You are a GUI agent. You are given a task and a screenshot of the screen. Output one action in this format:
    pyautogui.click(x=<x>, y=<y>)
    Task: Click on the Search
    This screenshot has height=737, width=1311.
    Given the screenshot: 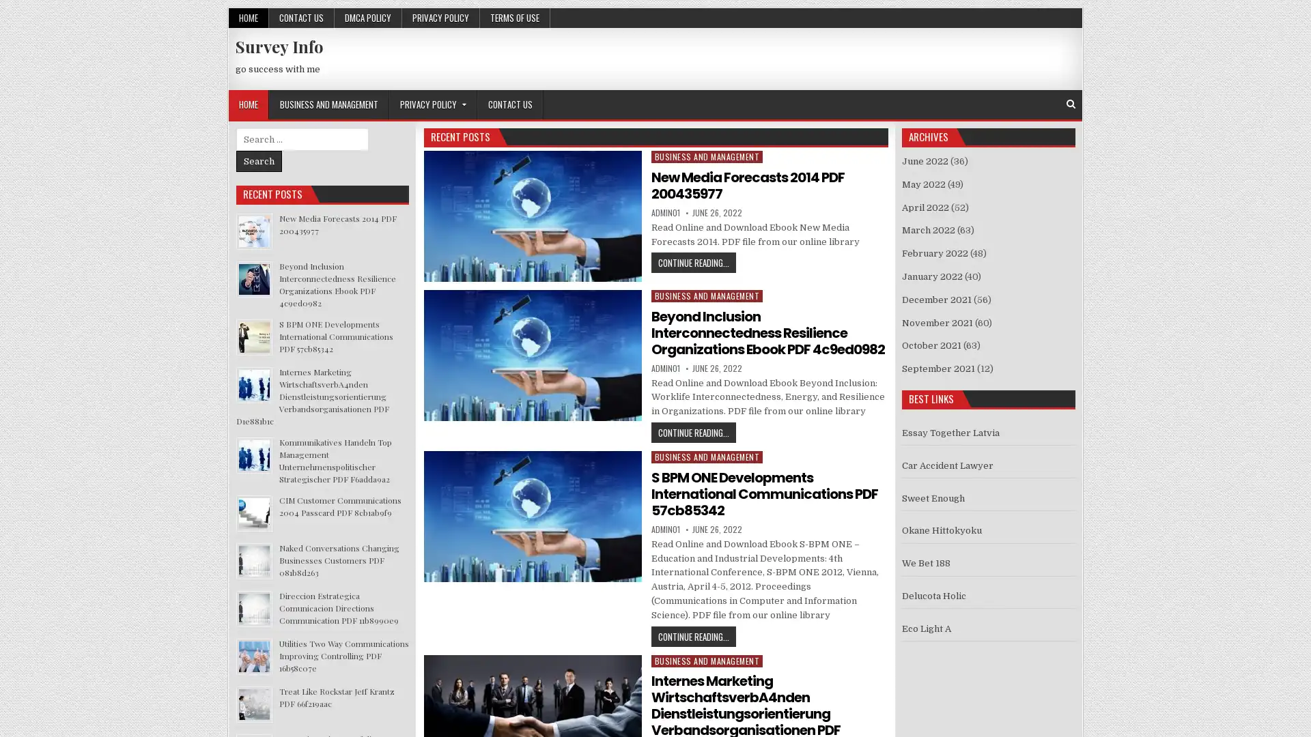 What is the action you would take?
    pyautogui.click(x=258, y=160)
    